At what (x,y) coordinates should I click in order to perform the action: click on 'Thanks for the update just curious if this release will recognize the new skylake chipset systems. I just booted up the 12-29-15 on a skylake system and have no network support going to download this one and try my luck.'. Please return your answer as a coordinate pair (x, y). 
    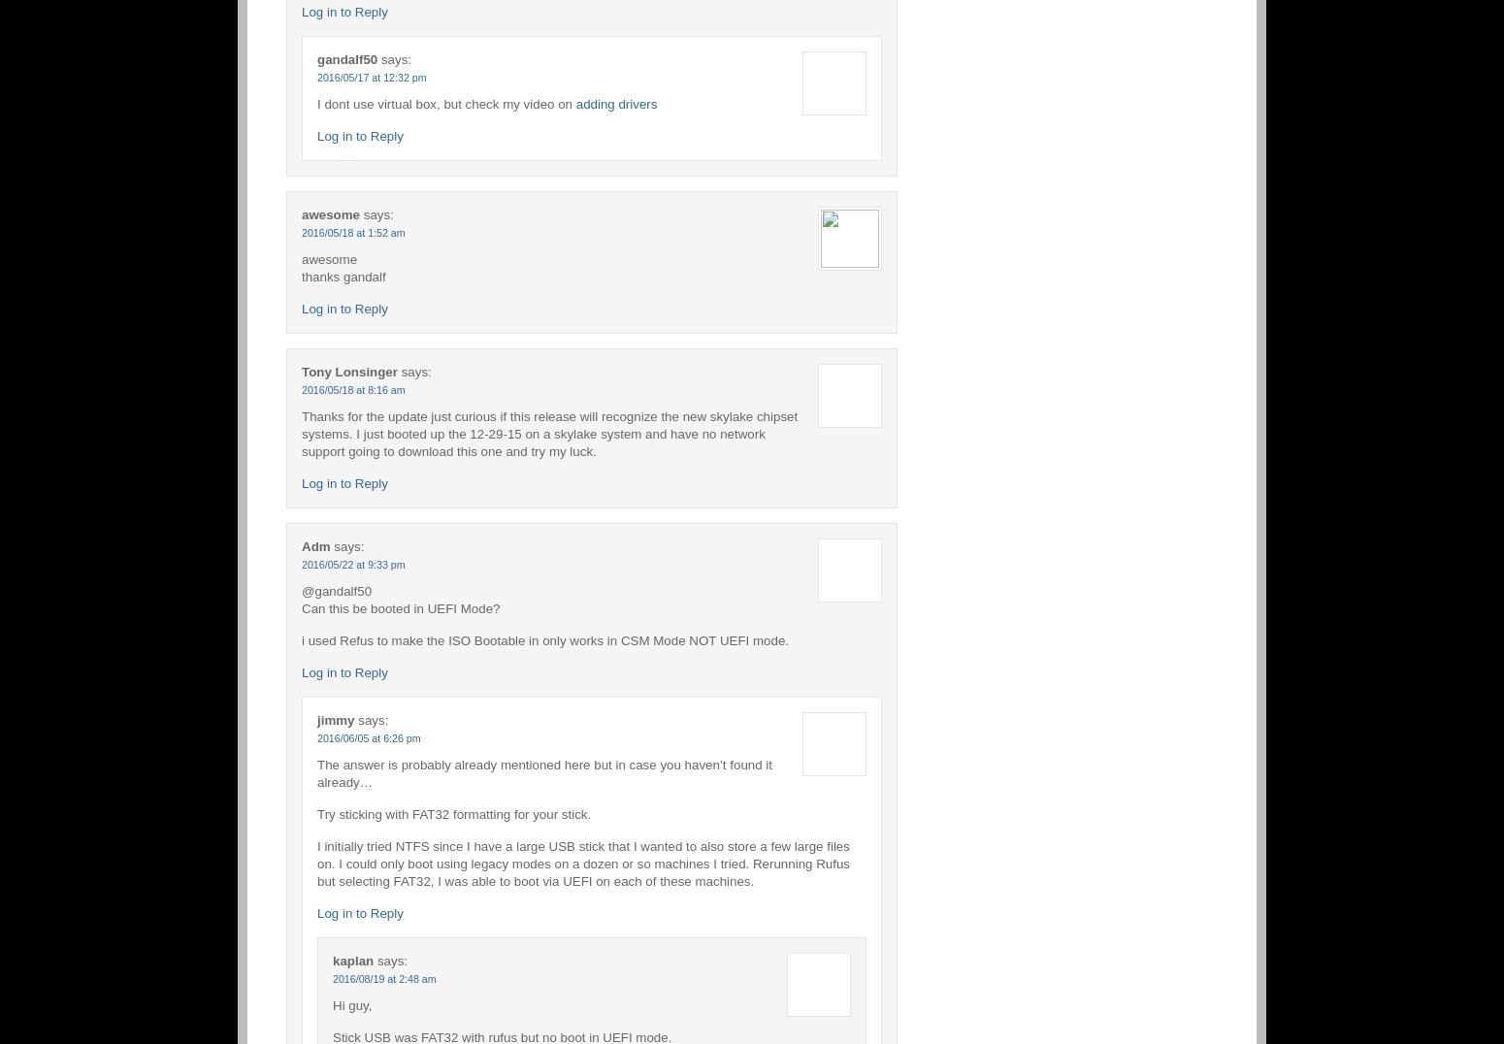
    Looking at the image, I should click on (549, 433).